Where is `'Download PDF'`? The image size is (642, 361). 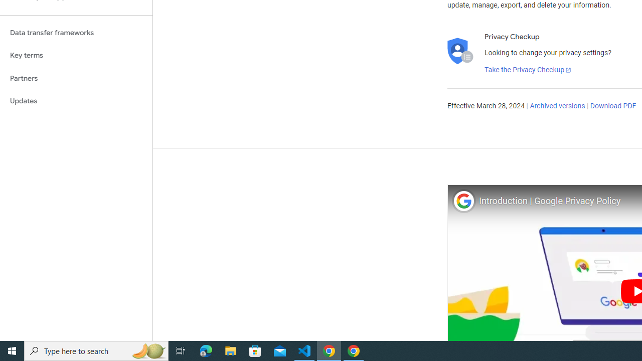
'Download PDF' is located at coordinates (612, 106).